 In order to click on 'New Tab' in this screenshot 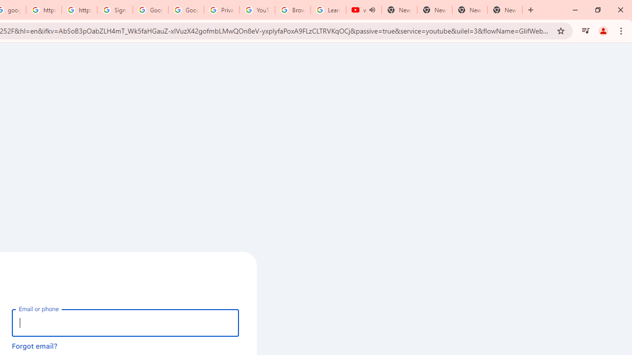, I will do `click(505, 10)`.